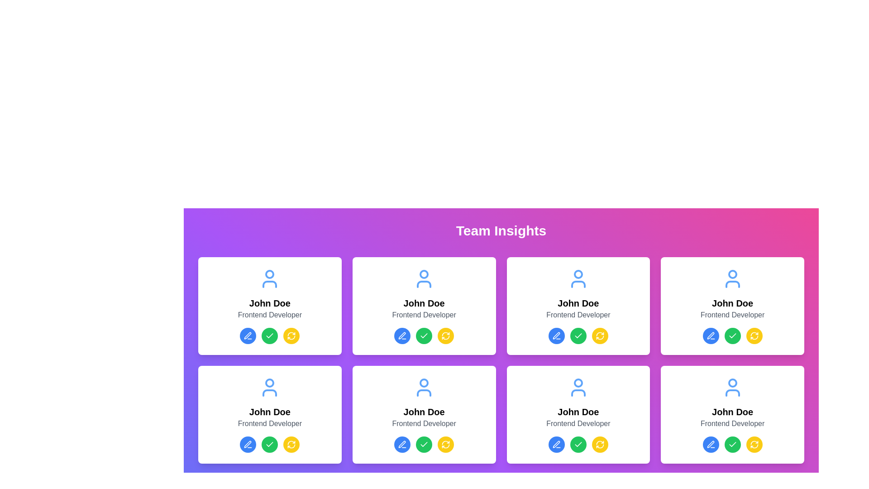  Describe the element at coordinates (578, 284) in the screenshot. I see `the lower half (torso) of the user icon in the third user card, which is part of a larger user icon composition styled with a blue stroke` at that location.